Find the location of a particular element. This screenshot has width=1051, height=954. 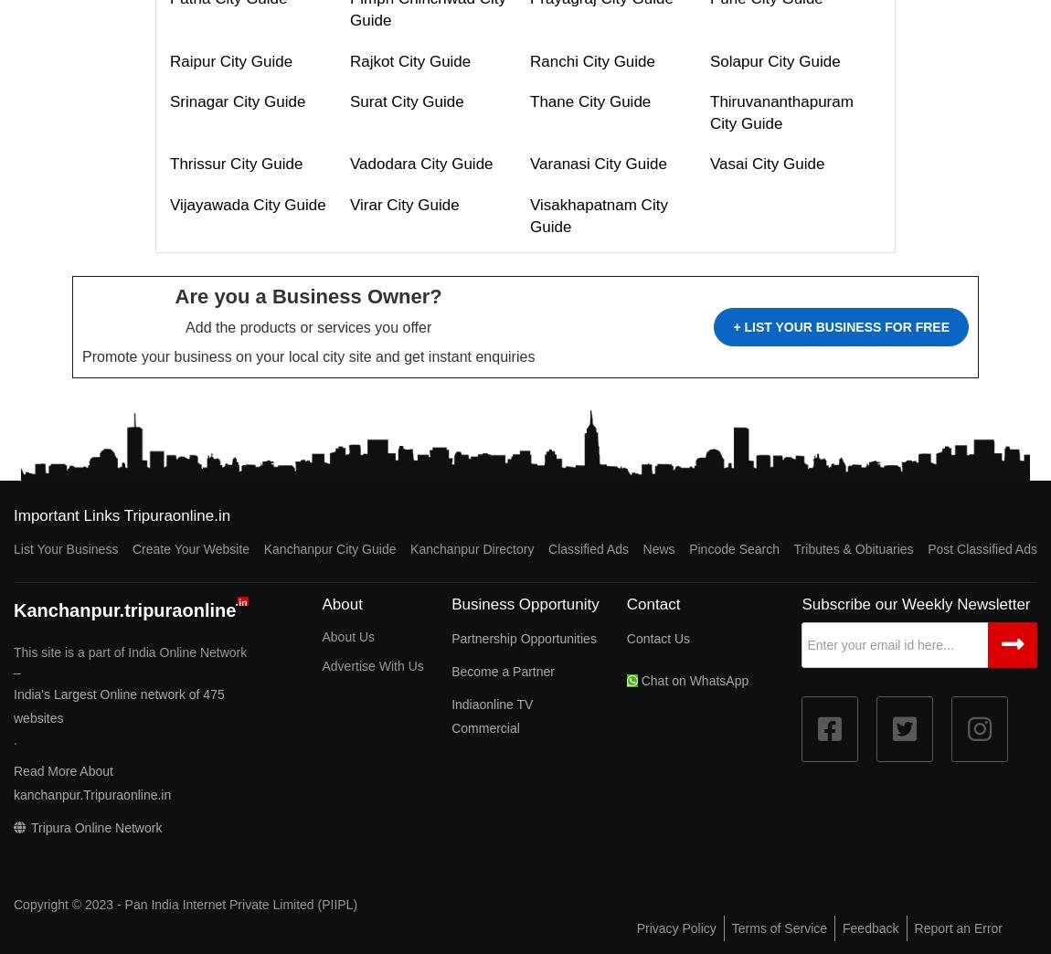

'Partnership Opportunities' is located at coordinates (451, 637).